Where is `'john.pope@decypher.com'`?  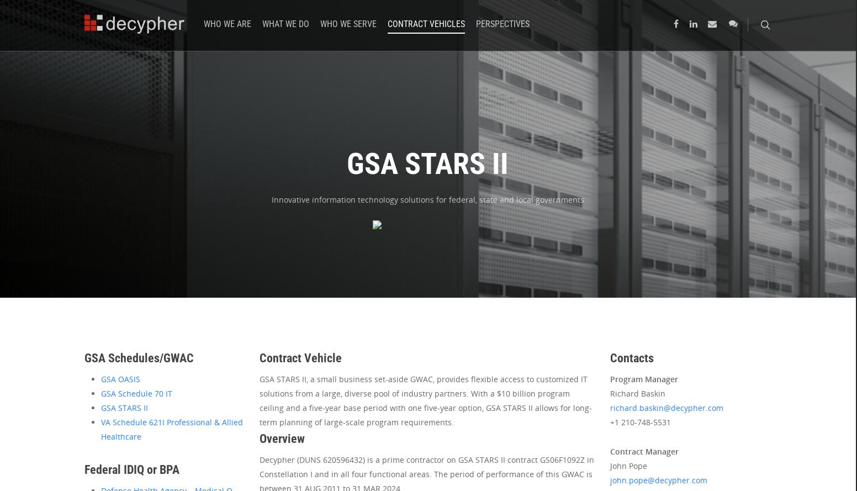 'john.pope@decypher.com' is located at coordinates (658, 479).